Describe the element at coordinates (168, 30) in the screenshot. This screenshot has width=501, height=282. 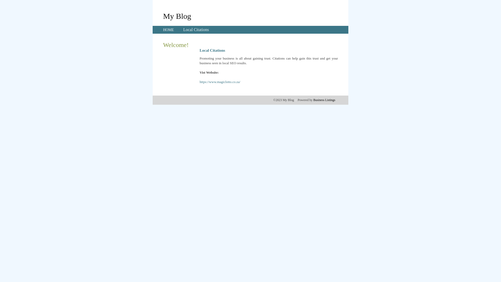
I see `'HOME'` at that location.